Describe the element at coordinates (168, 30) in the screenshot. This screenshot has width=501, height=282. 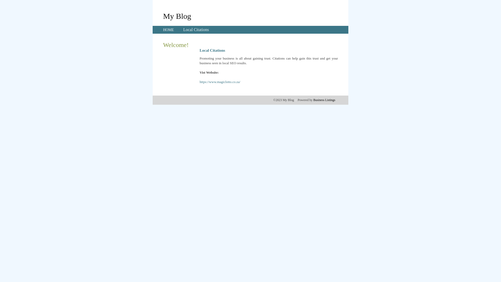
I see `'HOME'` at that location.